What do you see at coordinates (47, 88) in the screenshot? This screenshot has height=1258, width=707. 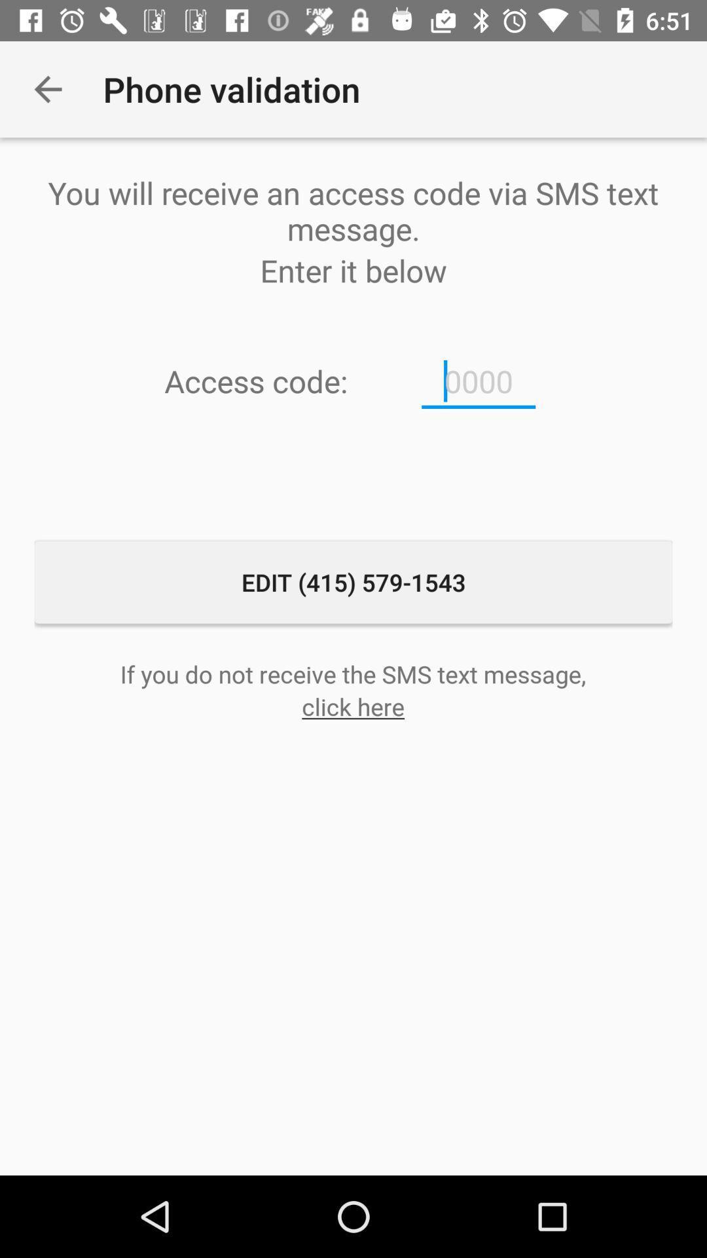 I see `item to the left of the phone validation item` at bounding box center [47, 88].